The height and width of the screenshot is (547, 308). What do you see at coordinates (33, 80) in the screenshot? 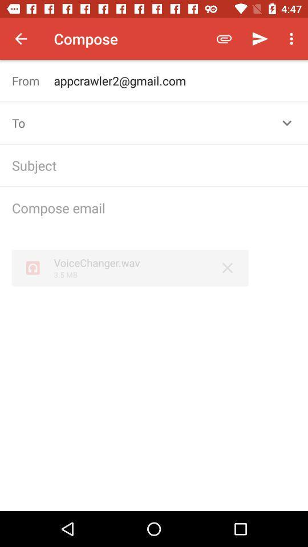
I see `the item to the left of appcrawler2@gmail.com icon` at bounding box center [33, 80].